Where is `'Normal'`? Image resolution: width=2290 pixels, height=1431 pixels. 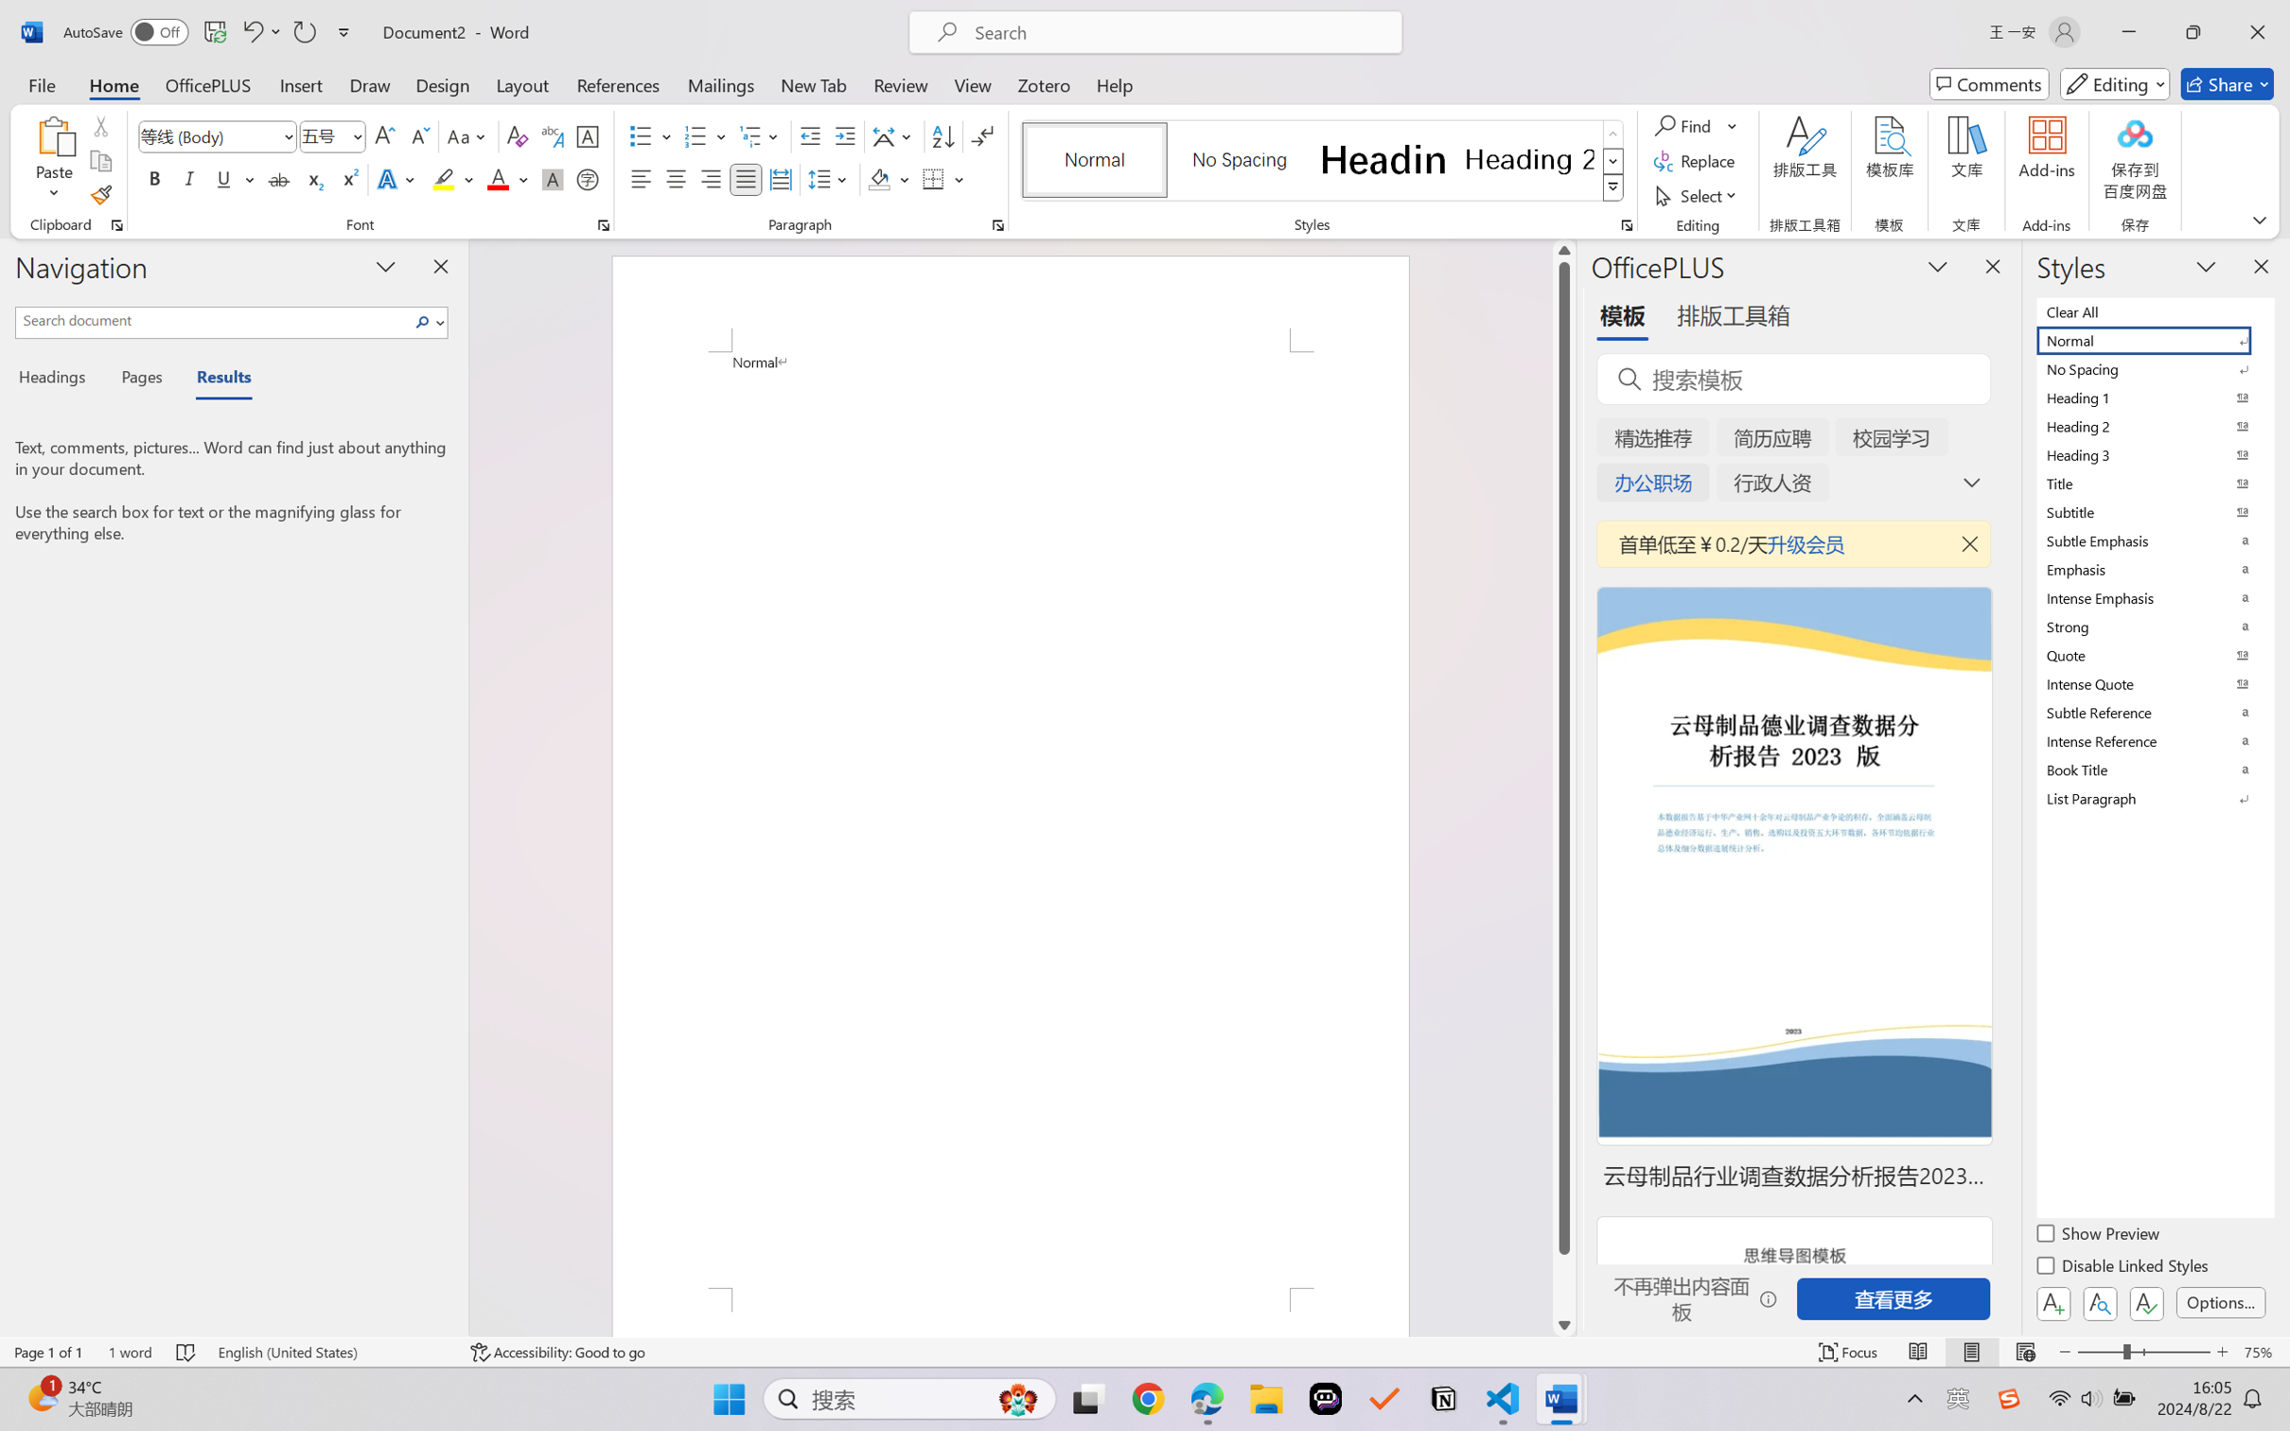 'Normal' is located at coordinates (2153, 339).